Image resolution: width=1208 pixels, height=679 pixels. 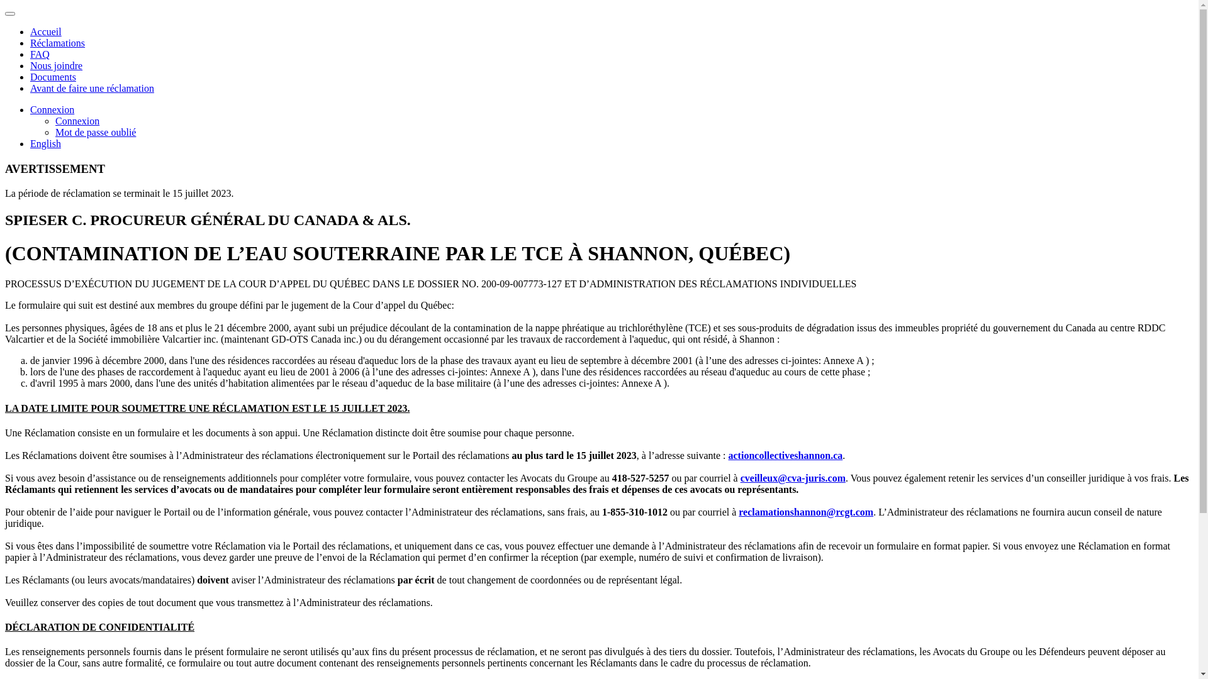 I want to click on 'reclamationshannon@rcgt.com', so click(x=806, y=512).